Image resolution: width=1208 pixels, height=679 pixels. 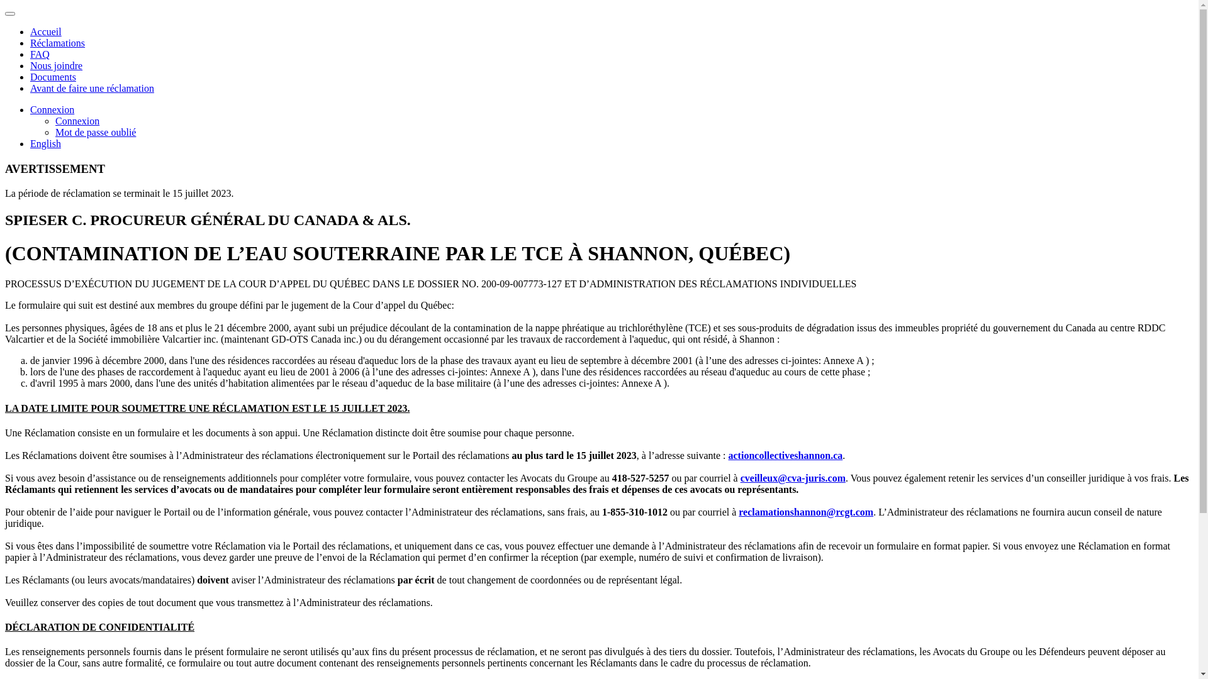 I want to click on 'reclamationshannon@rcgt.com', so click(x=806, y=512).